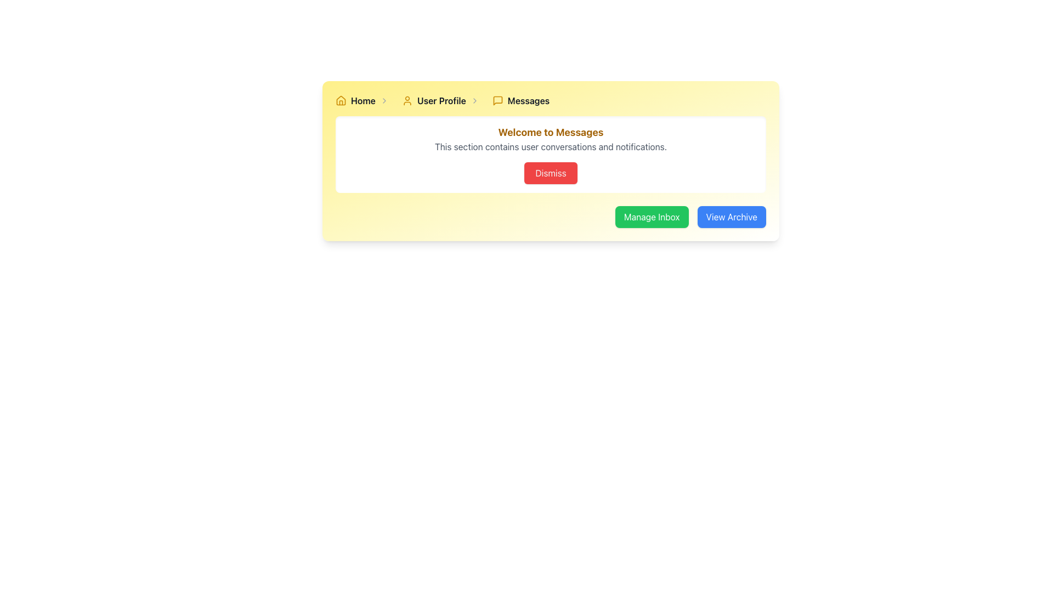 Image resolution: width=1053 pixels, height=592 pixels. Describe the element at coordinates (497, 101) in the screenshot. I see `the icon in the navigation bar that visually indicates the 'Messages' option, positioned to the left of the 'Messages' label` at that location.